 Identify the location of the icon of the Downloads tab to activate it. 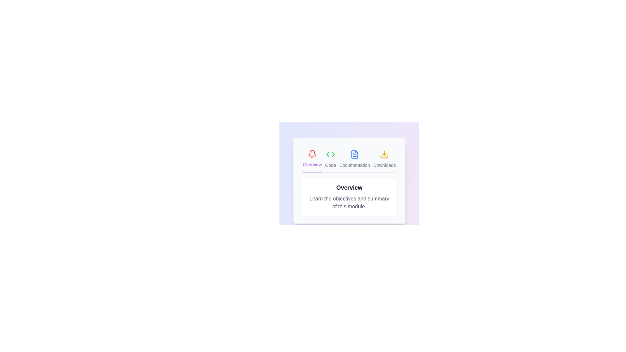
(384, 159).